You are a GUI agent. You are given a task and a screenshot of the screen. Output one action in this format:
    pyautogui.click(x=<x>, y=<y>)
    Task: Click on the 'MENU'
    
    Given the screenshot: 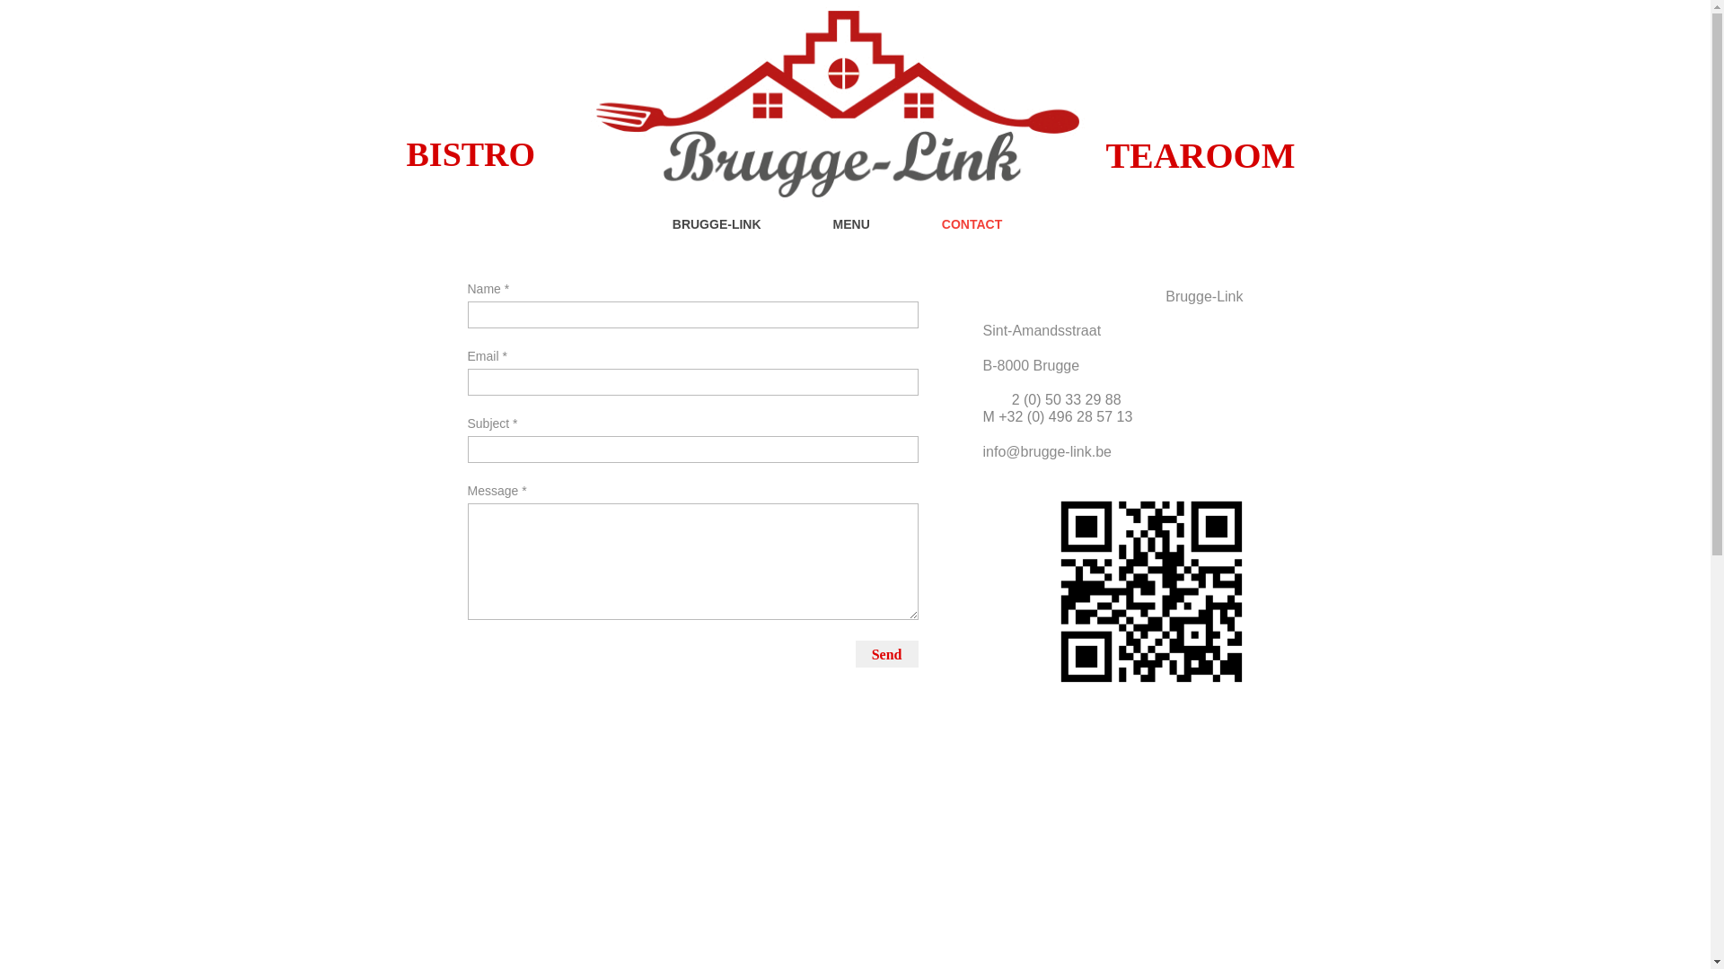 What is the action you would take?
    pyautogui.click(x=869, y=231)
    